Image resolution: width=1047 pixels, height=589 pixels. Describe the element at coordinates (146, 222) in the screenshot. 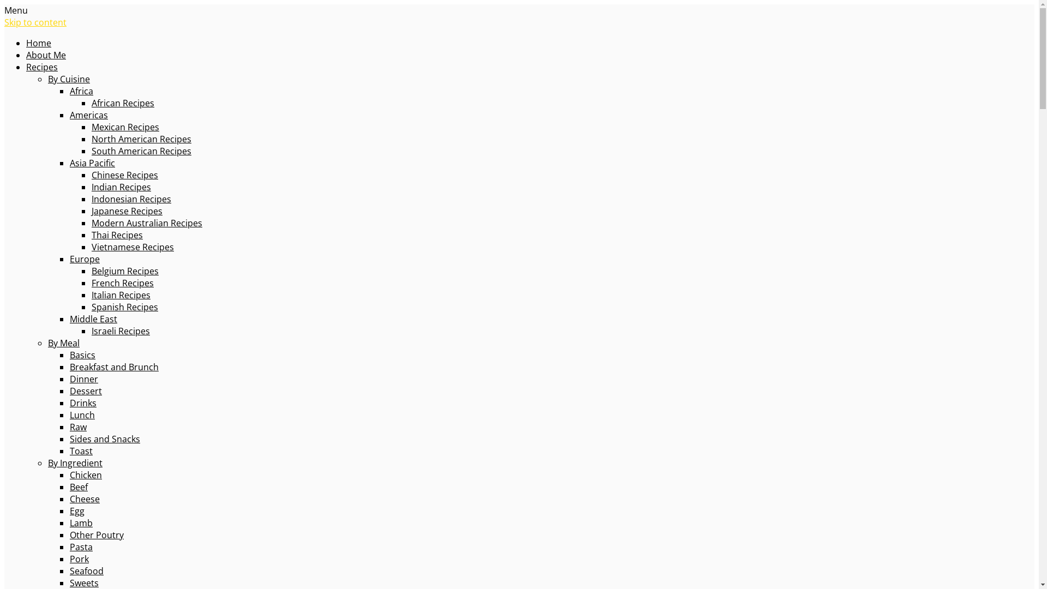

I see `'Modern Australian Recipes'` at that location.